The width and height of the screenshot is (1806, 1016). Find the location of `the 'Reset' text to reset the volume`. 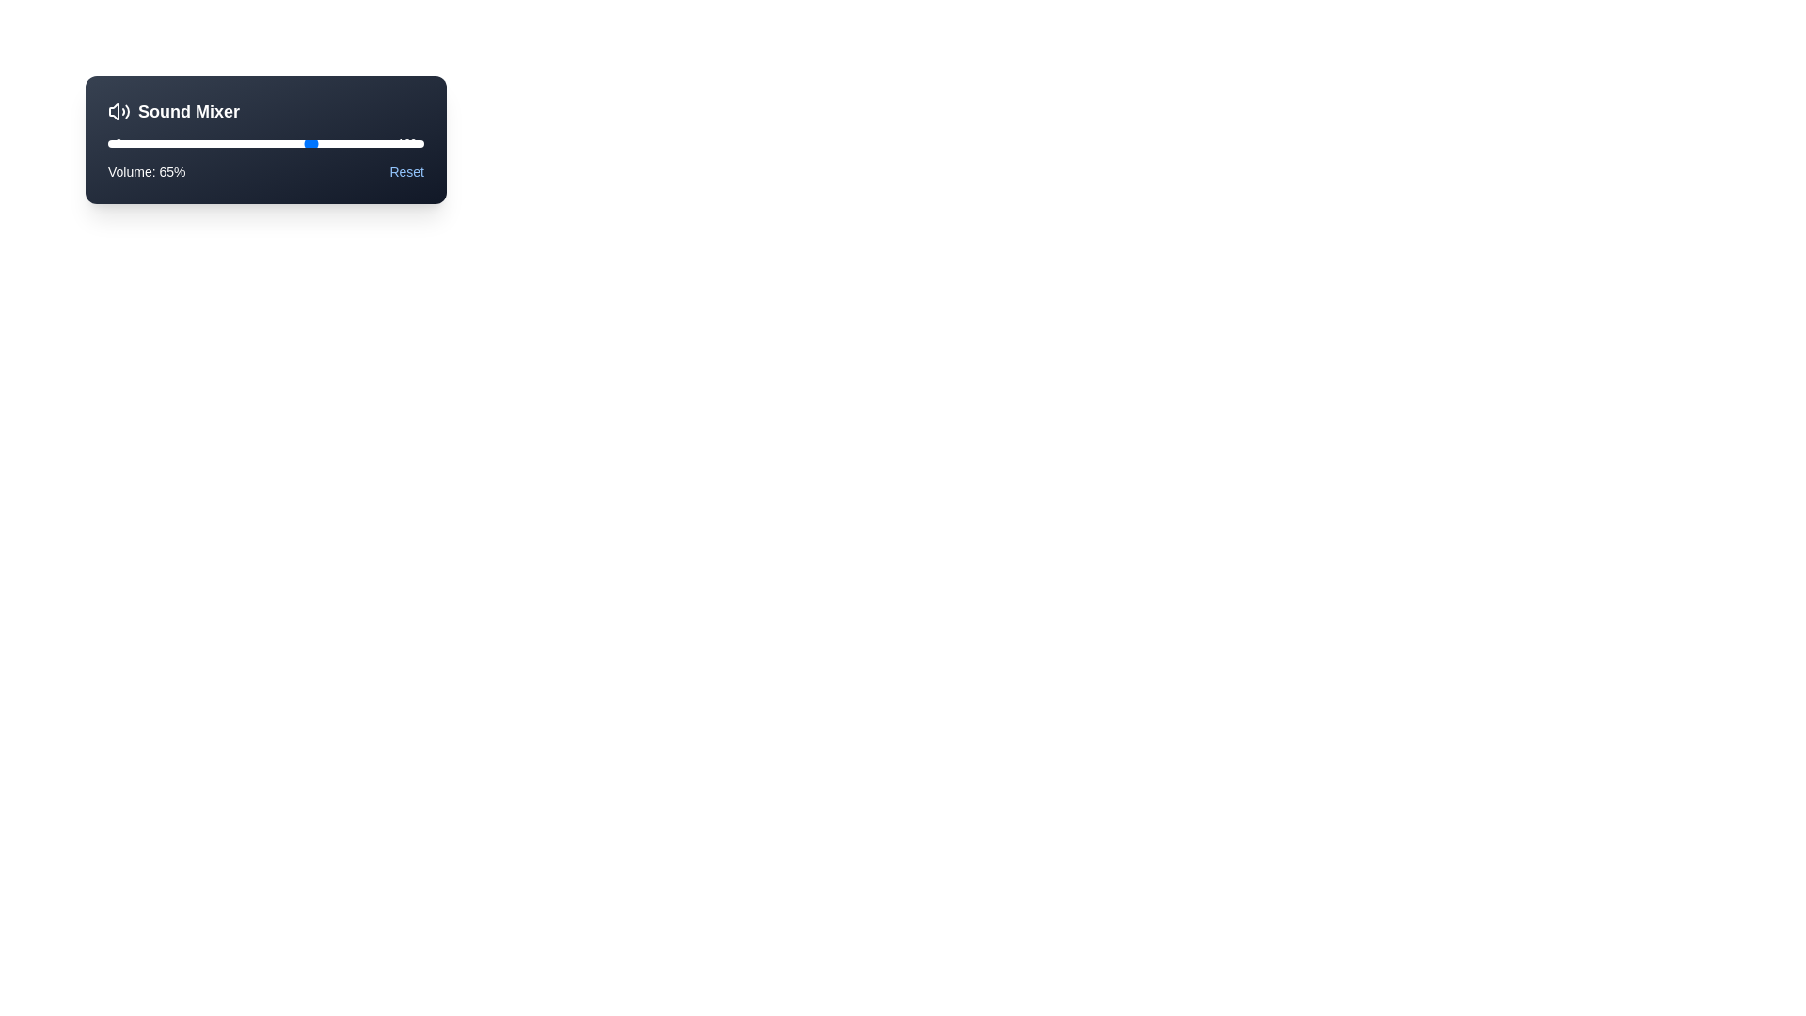

the 'Reset' text to reset the volume is located at coordinates (405, 171).